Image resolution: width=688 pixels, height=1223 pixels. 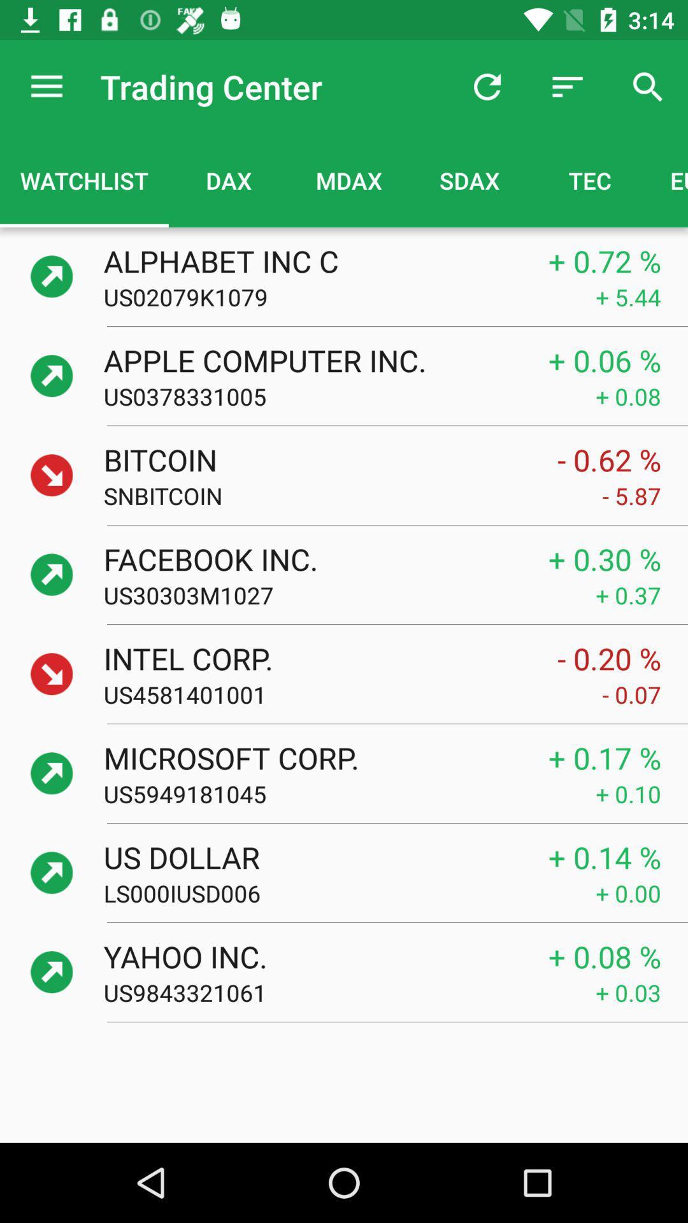 What do you see at coordinates (349, 396) in the screenshot?
I see `icon next to the + 0.08 item` at bounding box center [349, 396].